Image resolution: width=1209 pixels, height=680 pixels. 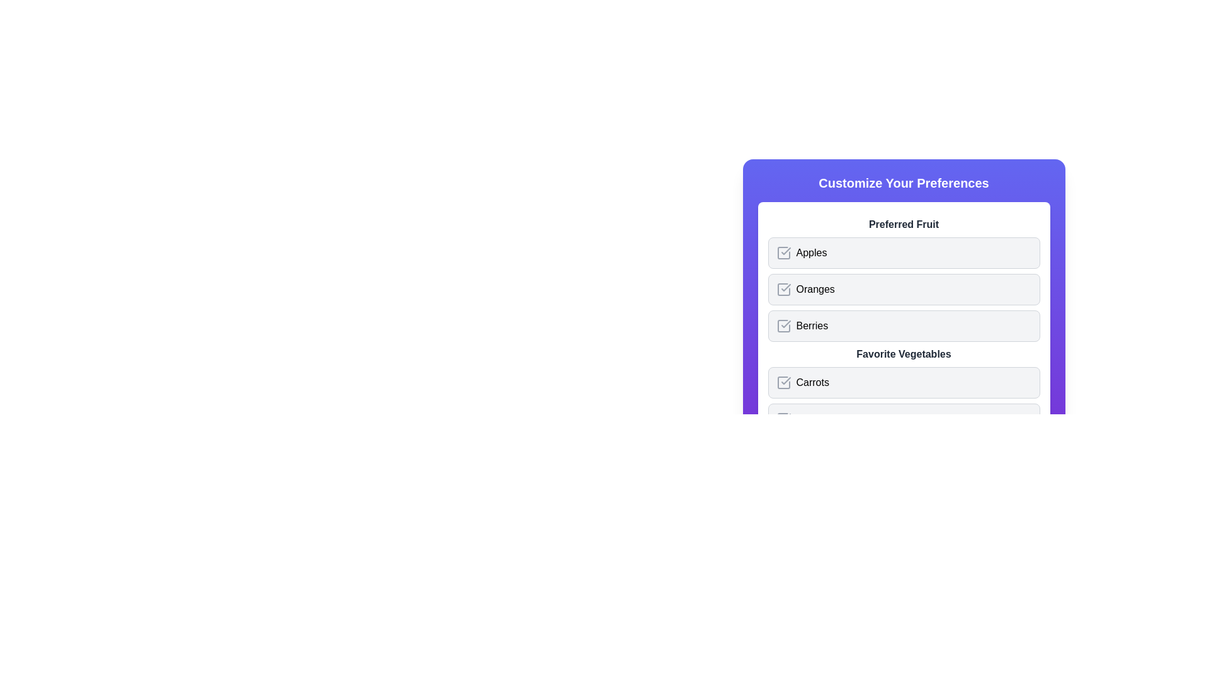 What do you see at coordinates (903, 278) in the screenshot?
I see `the 'Oranges' checkbox list item in the 'Preferred Fruit' section of the 'Customize Your Preferences' card, which is the second item in the list` at bounding box center [903, 278].